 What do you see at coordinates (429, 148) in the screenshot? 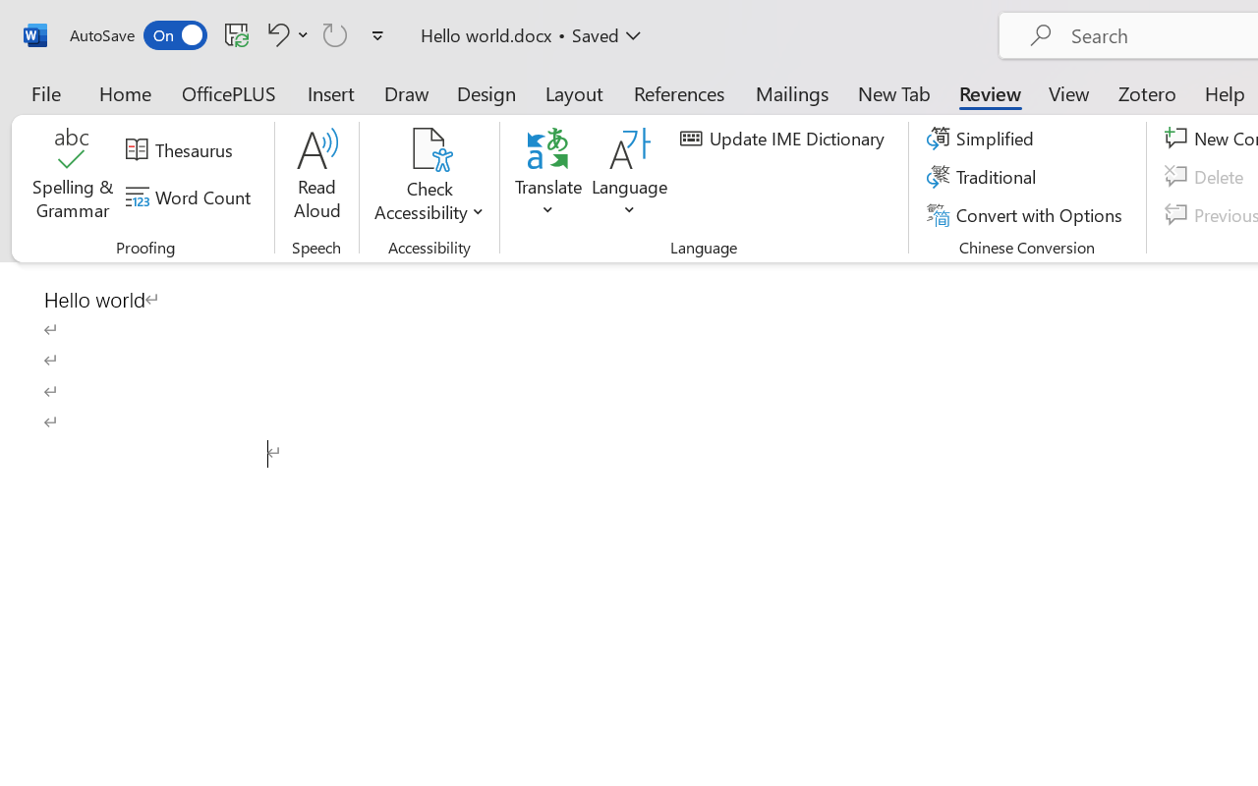
I see `'Check Accessibility'` at bounding box center [429, 148].